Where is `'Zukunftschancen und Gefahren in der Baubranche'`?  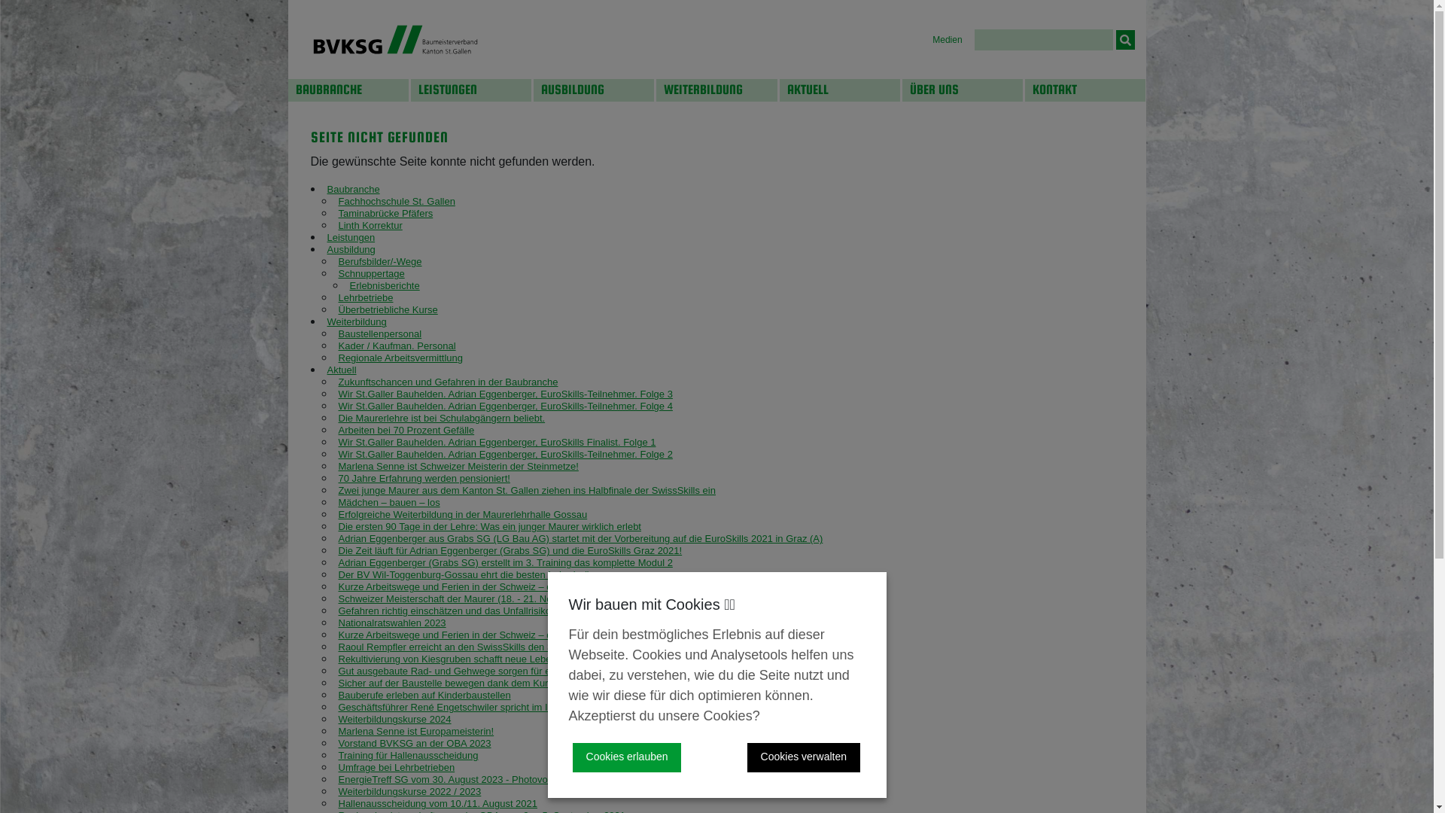
'Zukunftschancen und Gefahren in der Baubranche' is located at coordinates (338, 381).